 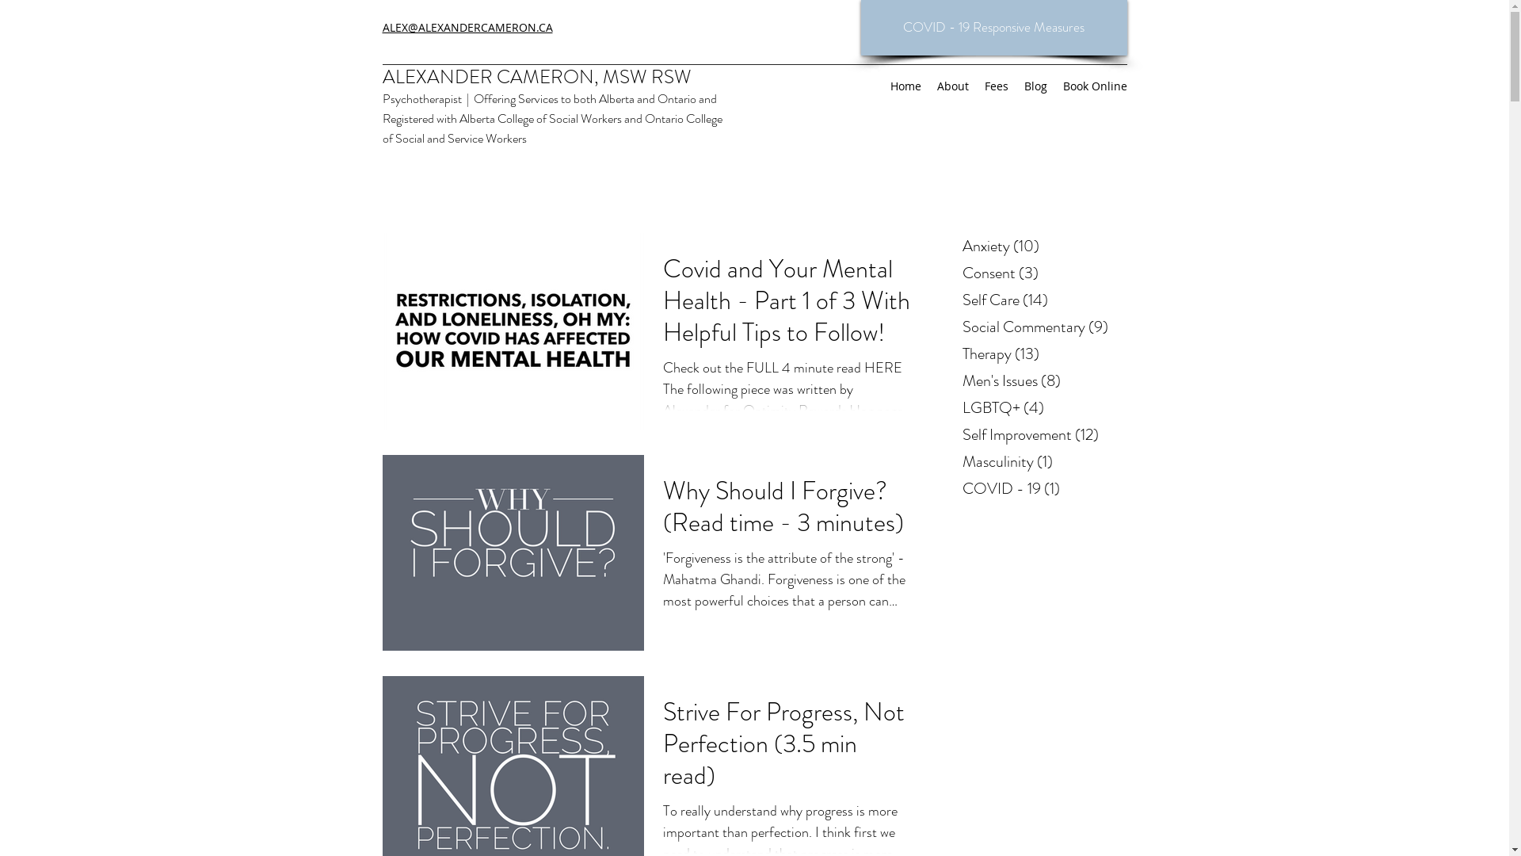 What do you see at coordinates (1042, 381) in the screenshot?
I see `'Men's Issues (8)'` at bounding box center [1042, 381].